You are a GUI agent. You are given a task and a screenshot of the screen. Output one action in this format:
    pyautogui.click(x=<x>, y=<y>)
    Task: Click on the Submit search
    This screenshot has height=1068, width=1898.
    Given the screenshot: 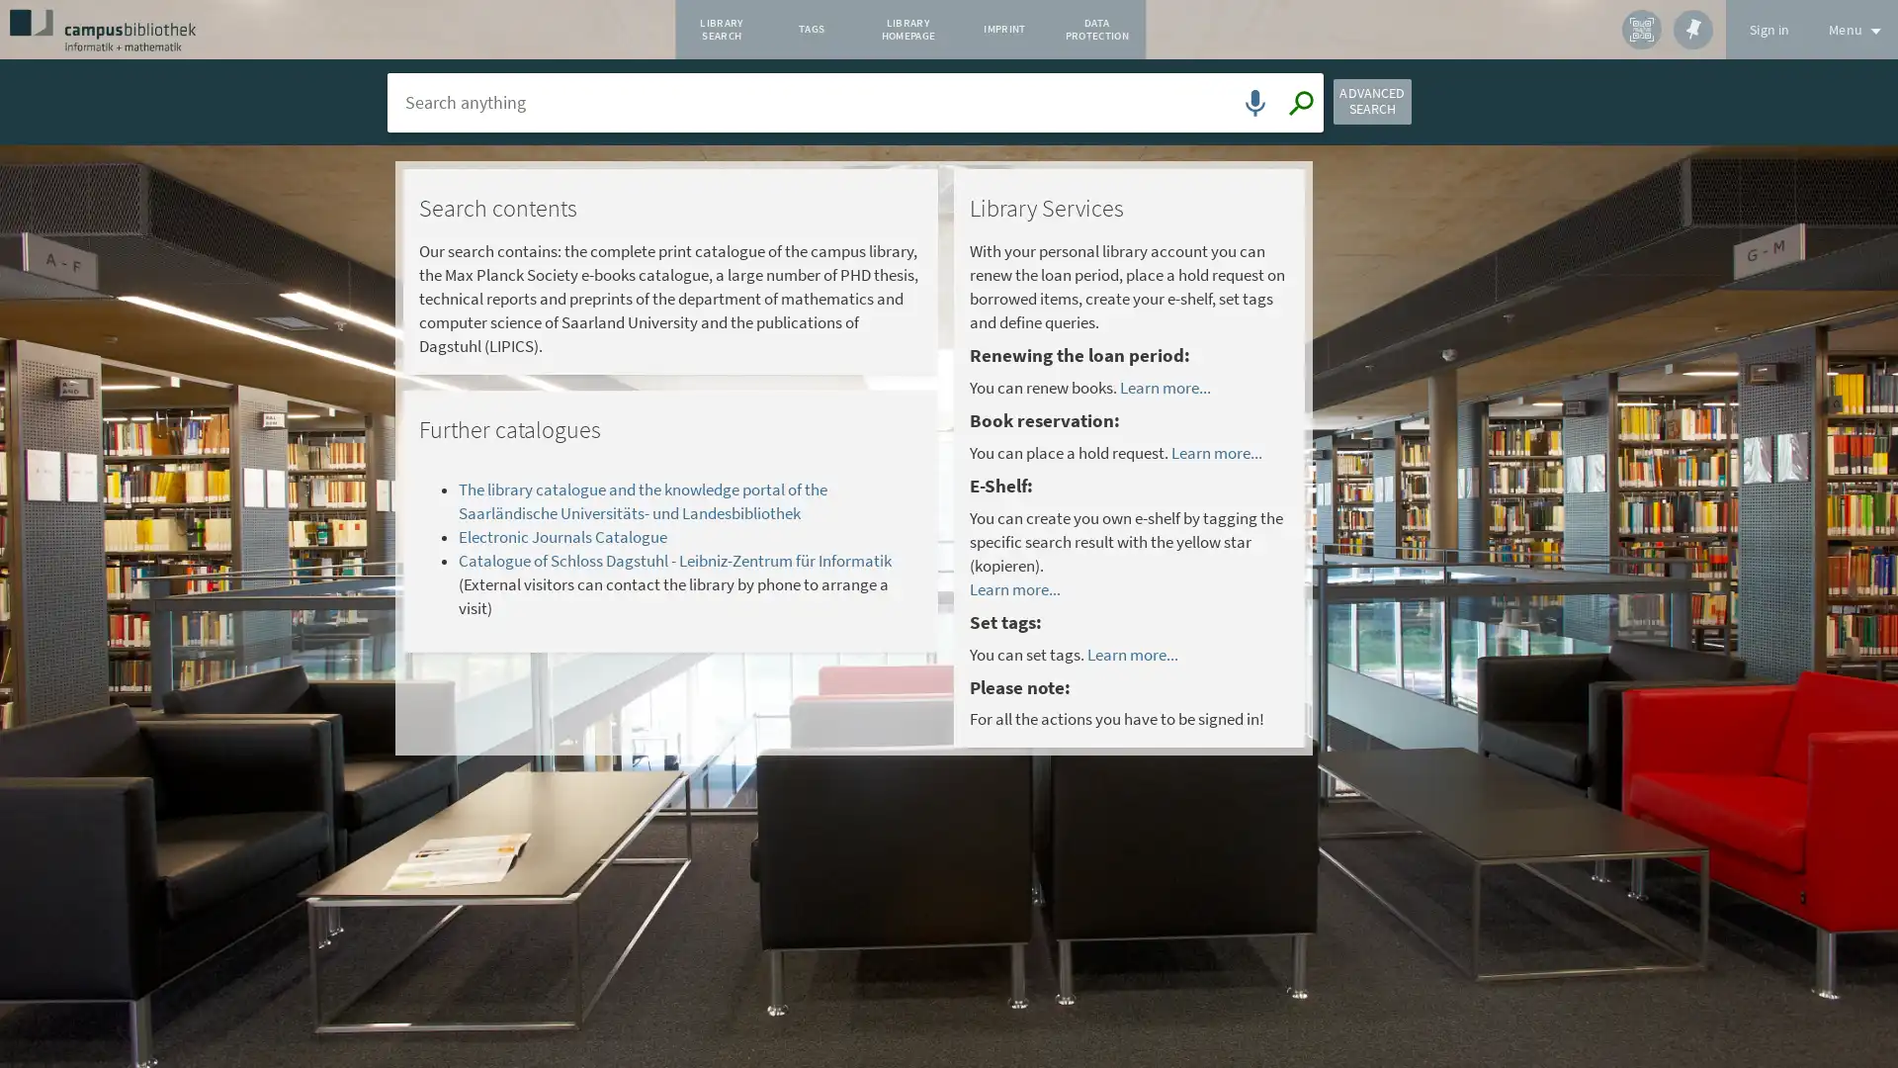 What is the action you would take?
    pyautogui.click(x=1296, y=110)
    